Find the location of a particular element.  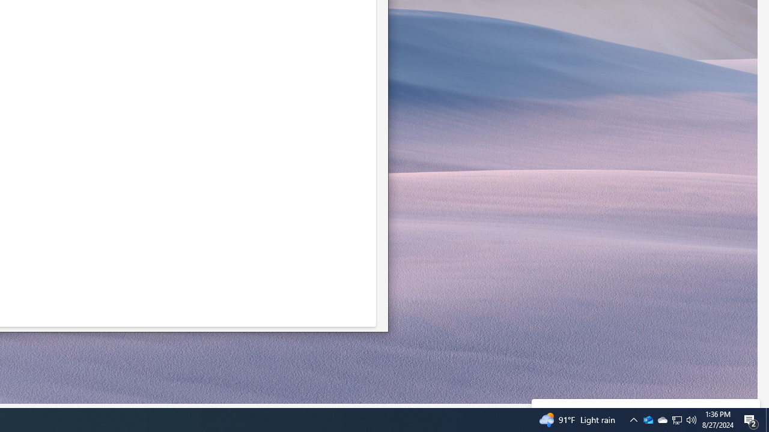

'Q2790: 100%' is located at coordinates (648, 419).